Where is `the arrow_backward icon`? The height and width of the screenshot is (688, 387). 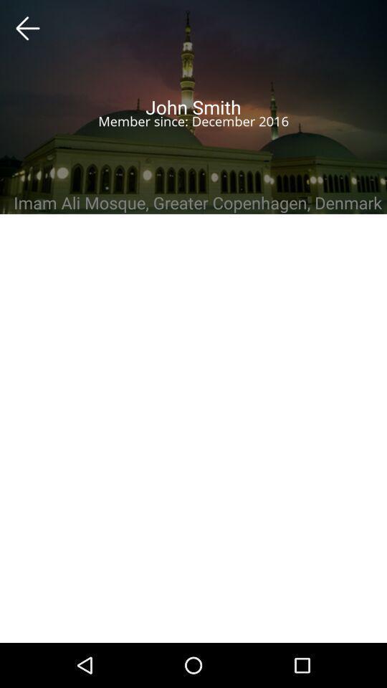 the arrow_backward icon is located at coordinates (28, 27).